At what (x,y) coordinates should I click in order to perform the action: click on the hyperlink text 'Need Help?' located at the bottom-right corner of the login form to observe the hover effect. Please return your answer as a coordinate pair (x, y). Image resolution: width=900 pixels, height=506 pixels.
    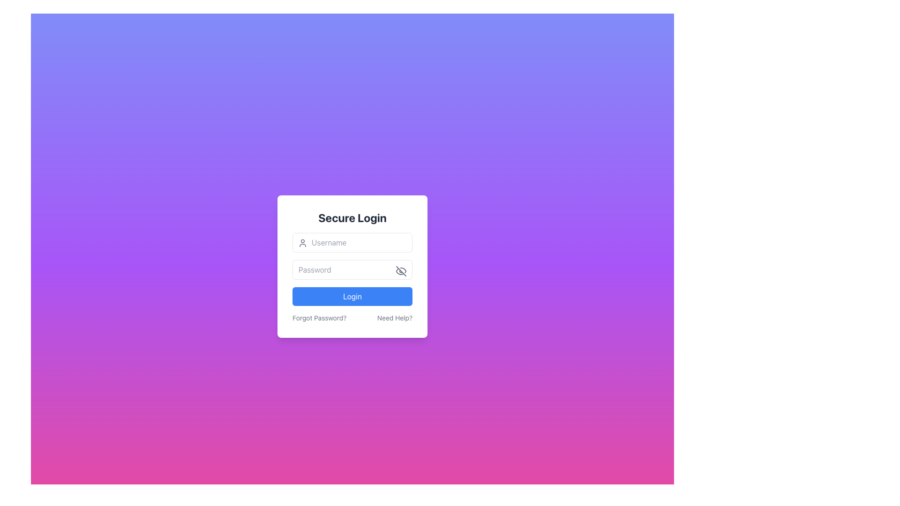
    Looking at the image, I should click on (395, 317).